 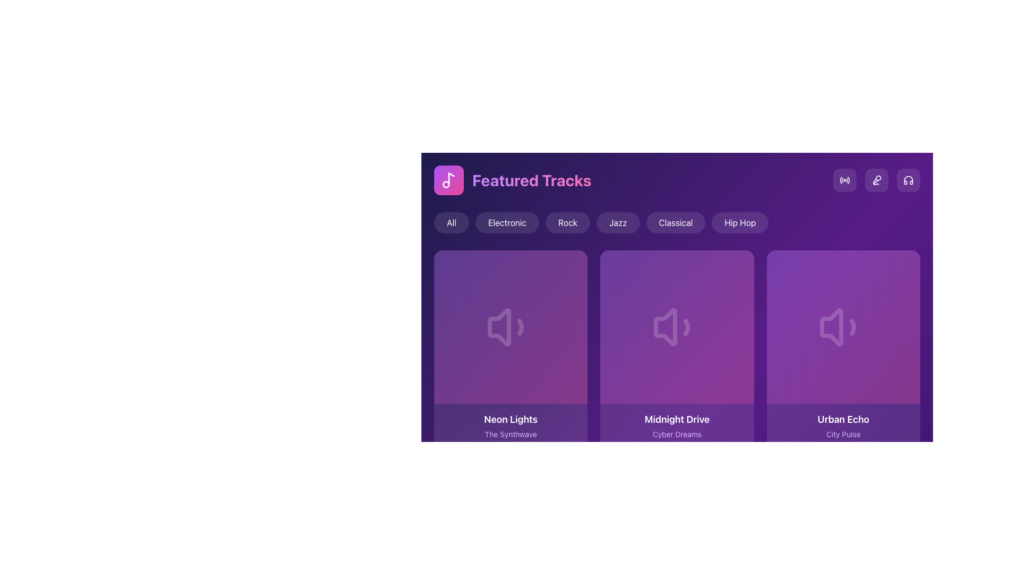 I want to click on the speaker icon with sound waves, located at the center of the first card in the 'Neon Lights' card list, so click(x=511, y=326).